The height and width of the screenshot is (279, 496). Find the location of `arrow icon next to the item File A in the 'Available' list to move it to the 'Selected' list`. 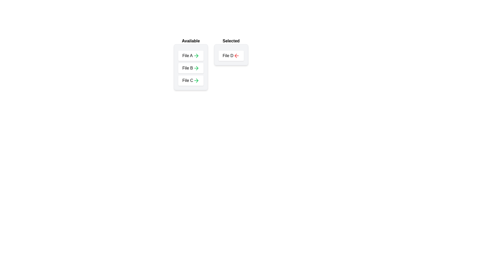

arrow icon next to the item File A in the 'Available' list to move it to the 'Selected' list is located at coordinates (196, 56).